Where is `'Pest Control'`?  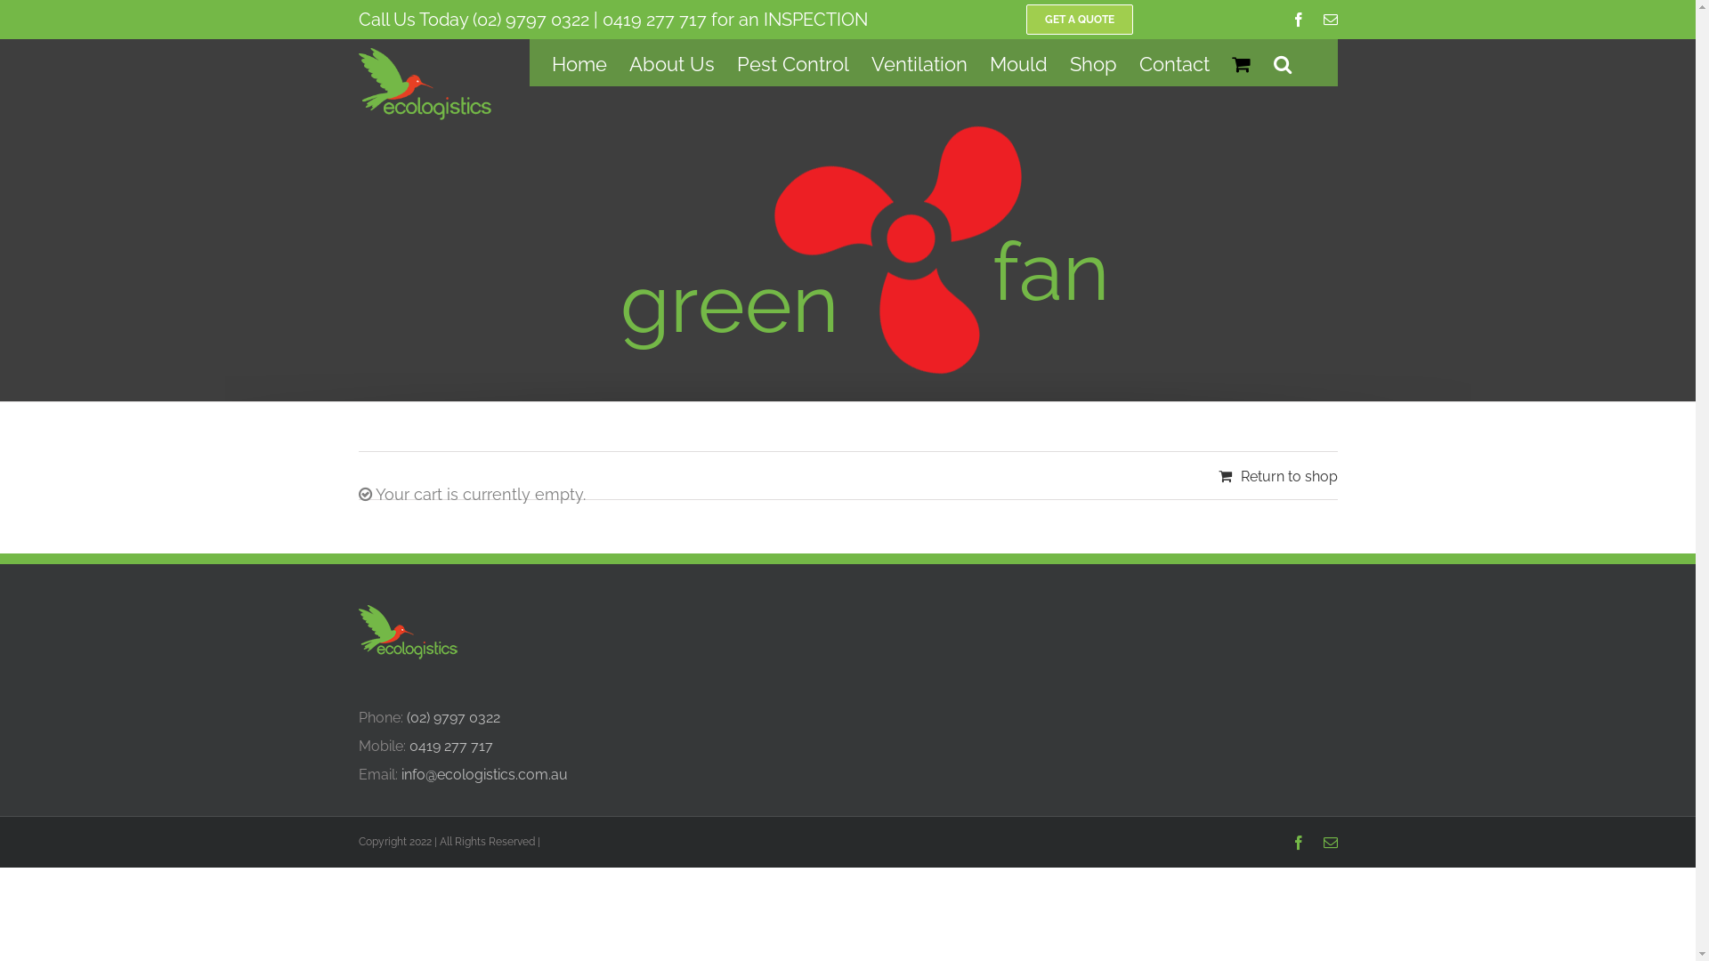 'Pest Control' is located at coordinates (792, 61).